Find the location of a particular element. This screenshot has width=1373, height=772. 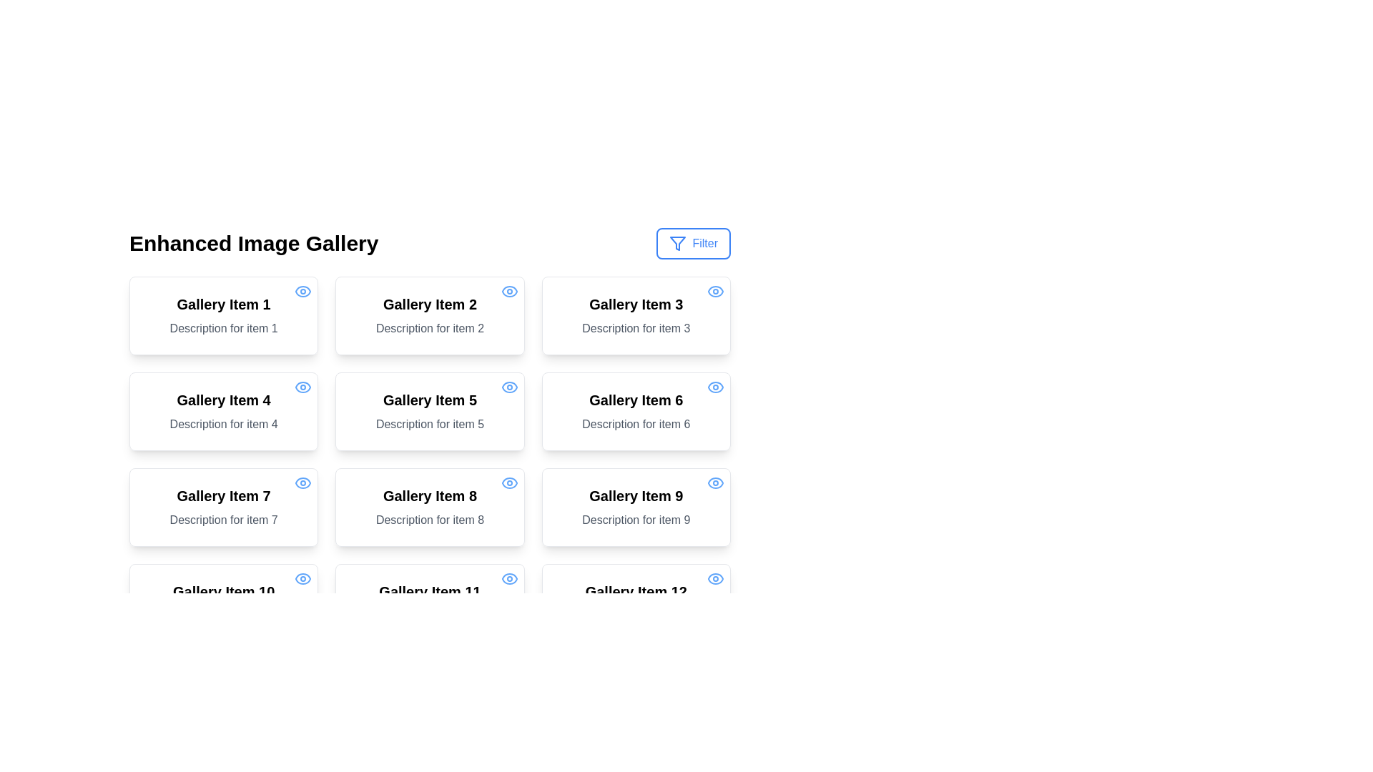

the filter icon located on the button labeled 'Filter', which is positioned at the top right of the interface is located at coordinates (677, 242).